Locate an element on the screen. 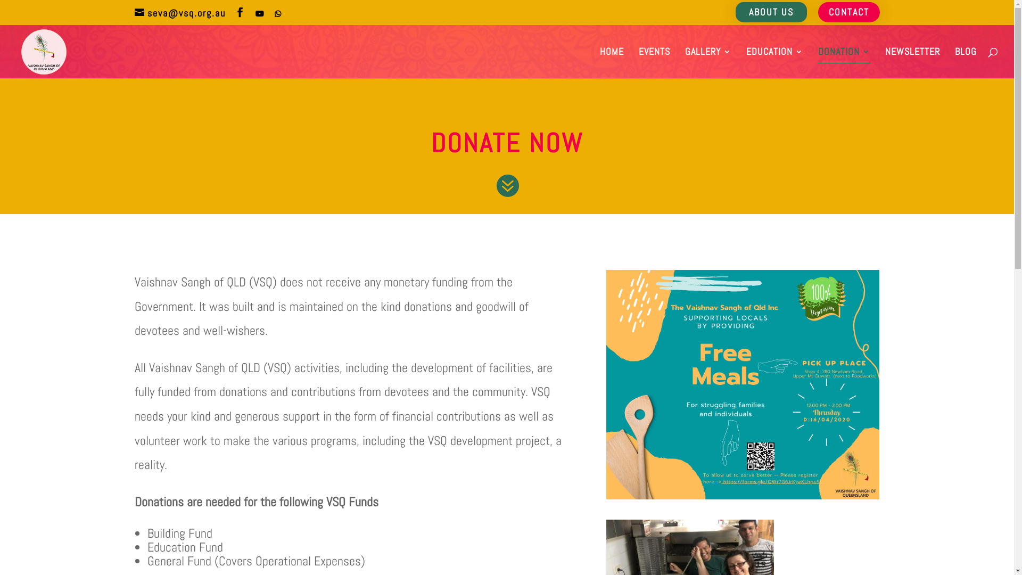  'seva@vsq.org.au' is located at coordinates (134, 12).